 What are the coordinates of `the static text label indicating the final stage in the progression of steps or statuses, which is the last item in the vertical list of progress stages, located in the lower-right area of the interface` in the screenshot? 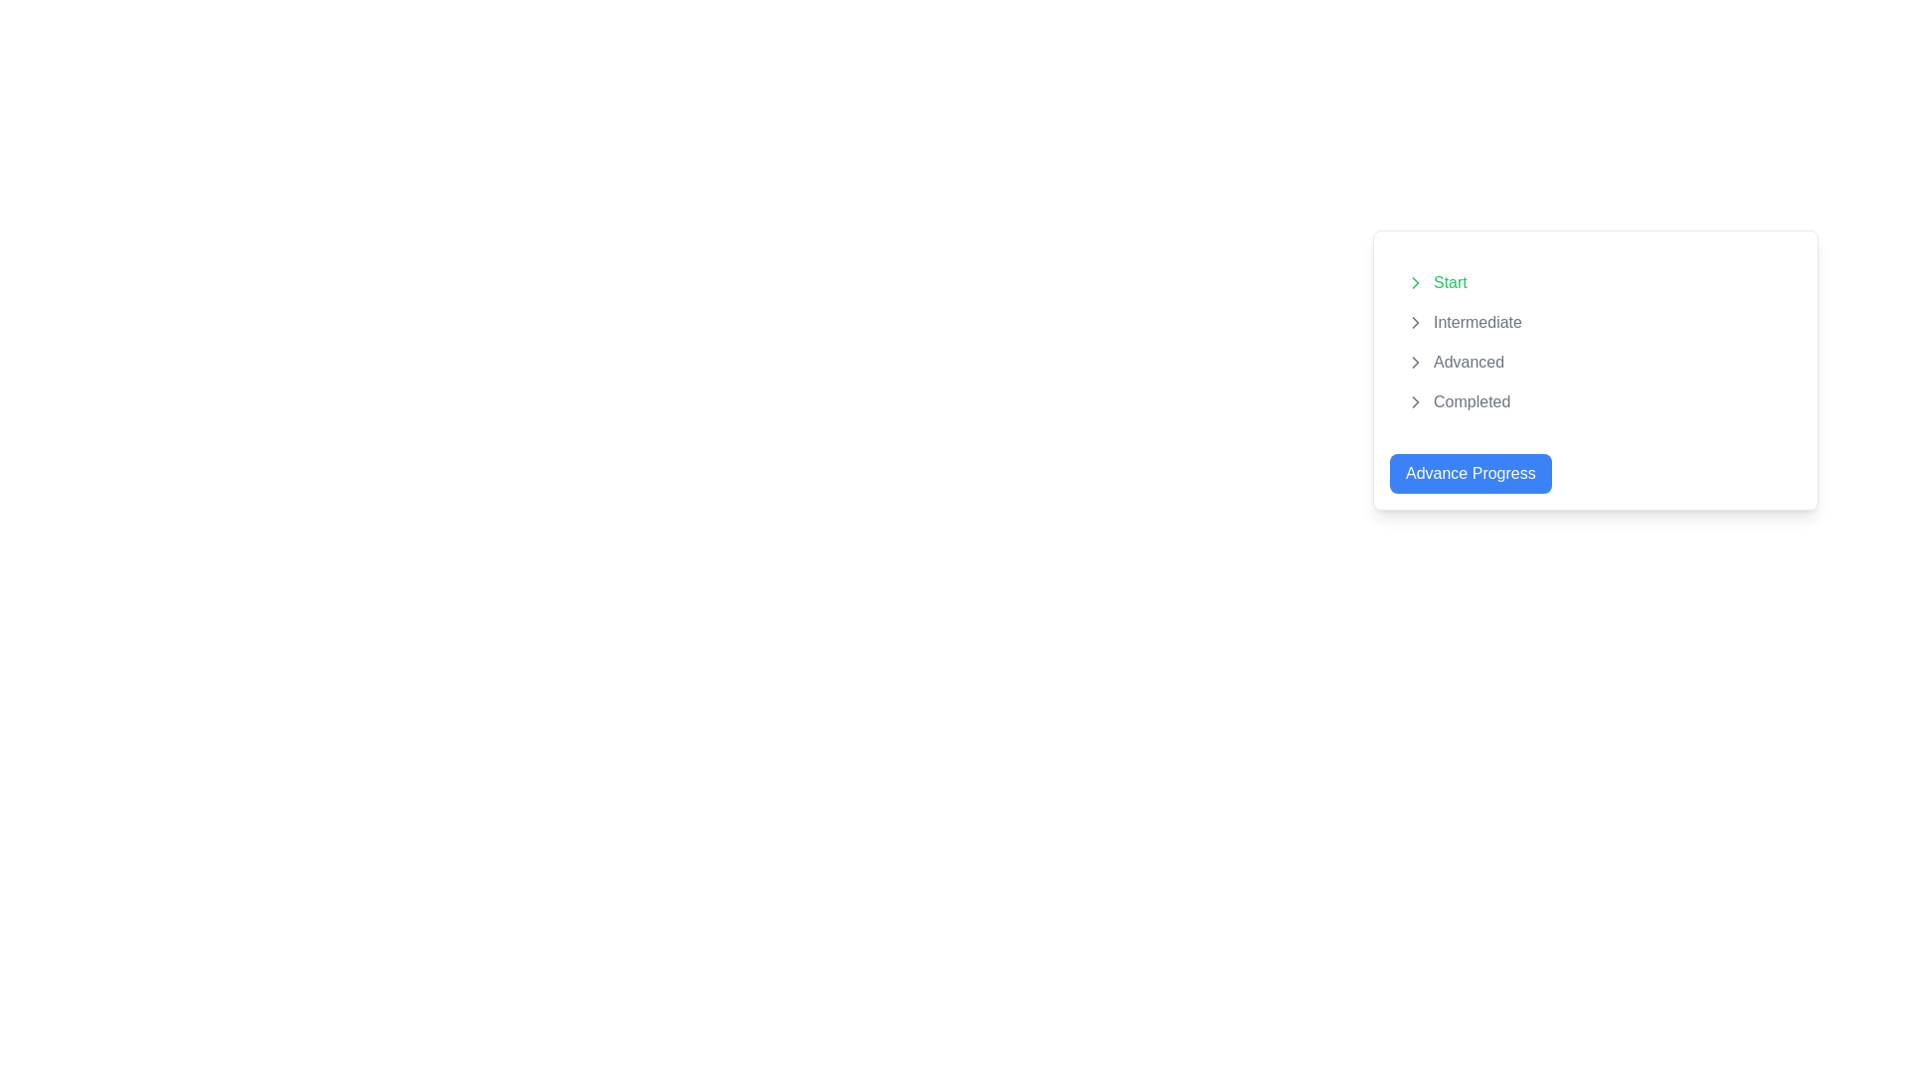 It's located at (1472, 402).